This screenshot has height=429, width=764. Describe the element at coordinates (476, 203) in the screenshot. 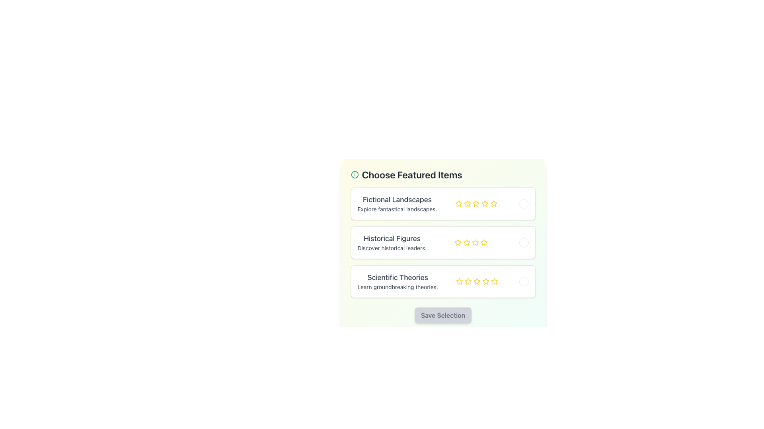

I see `the fifth star-shaped icon with a yellow outline in the rating system for the 'Fictional Landscapes' item in the 'Choose Featured Items' section` at that location.